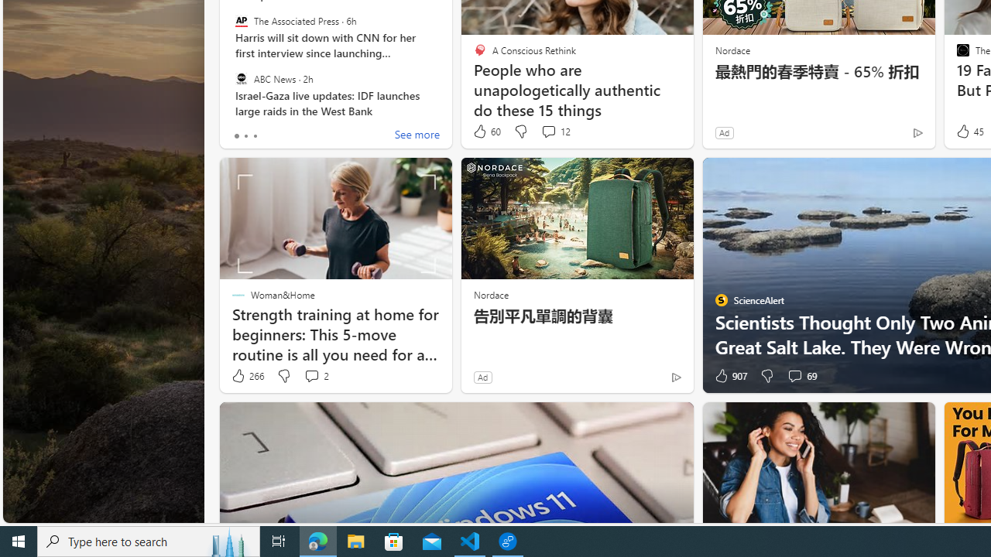 The image size is (991, 557). What do you see at coordinates (729, 376) in the screenshot?
I see `'907 Like'` at bounding box center [729, 376].